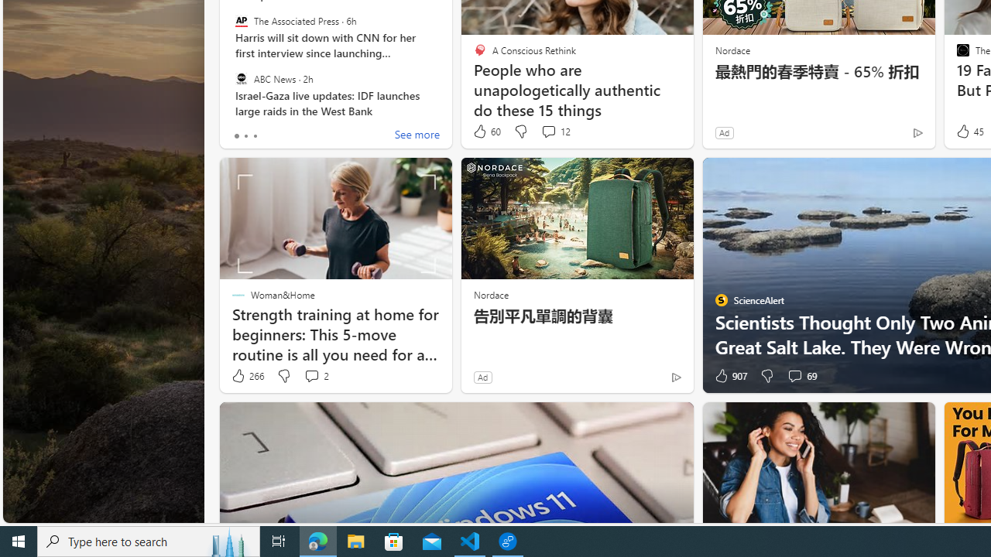 The image size is (991, 557). What do you see at coordinates (729, 376) in the screenshot?
I see `'907 Like'` at bounding box center [729, 376].